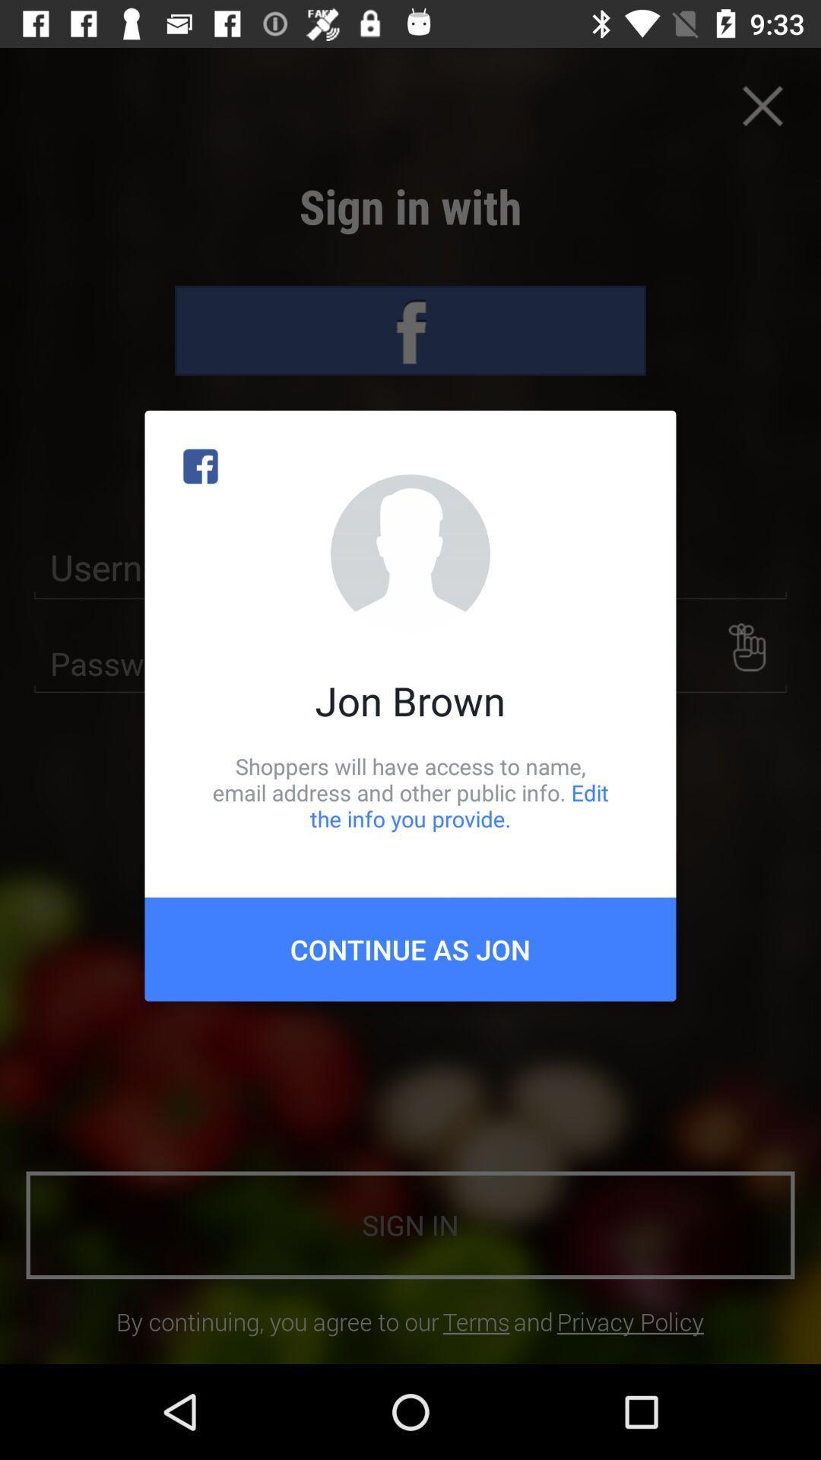 The width and height of the screenshot is (821, 1460). Describe the element at coordinates (410, 792) in the screenshot. I see `the shoppers will have` at that location.